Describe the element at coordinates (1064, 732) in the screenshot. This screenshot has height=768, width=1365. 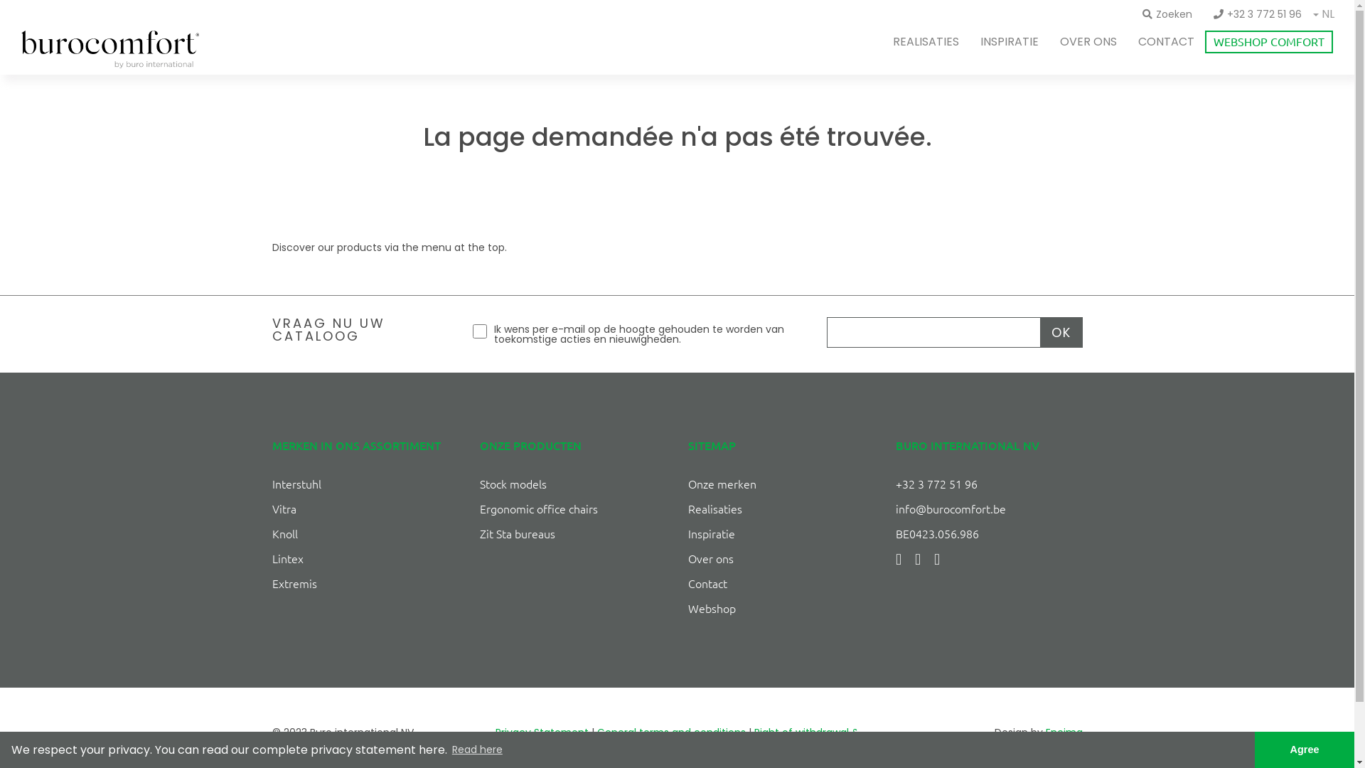
I see `'Encima'` at that location.